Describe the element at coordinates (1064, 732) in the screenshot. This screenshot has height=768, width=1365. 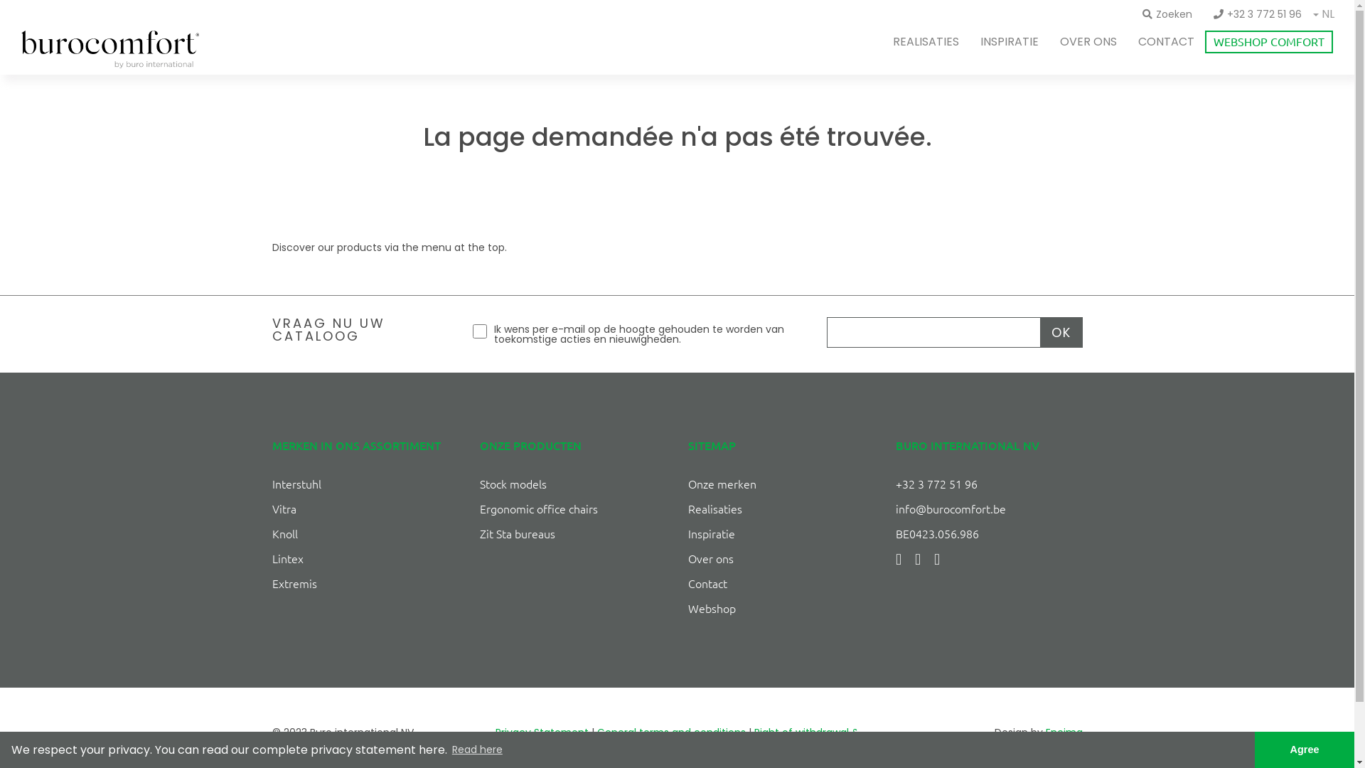
I see `'Encima'` at that location.